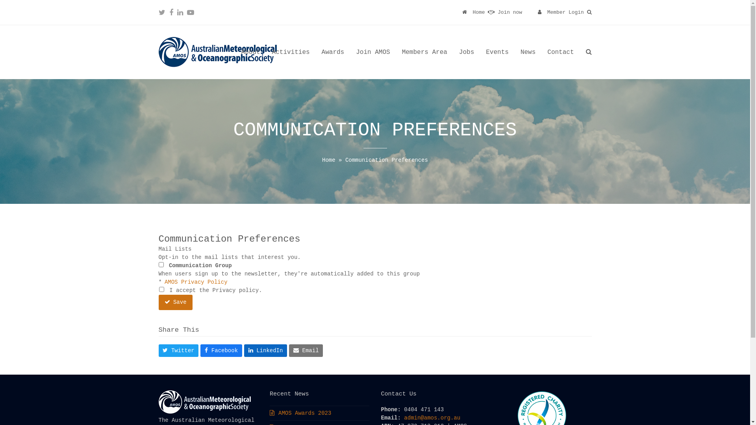  I want to click on 'Activities', so click(291, 52).